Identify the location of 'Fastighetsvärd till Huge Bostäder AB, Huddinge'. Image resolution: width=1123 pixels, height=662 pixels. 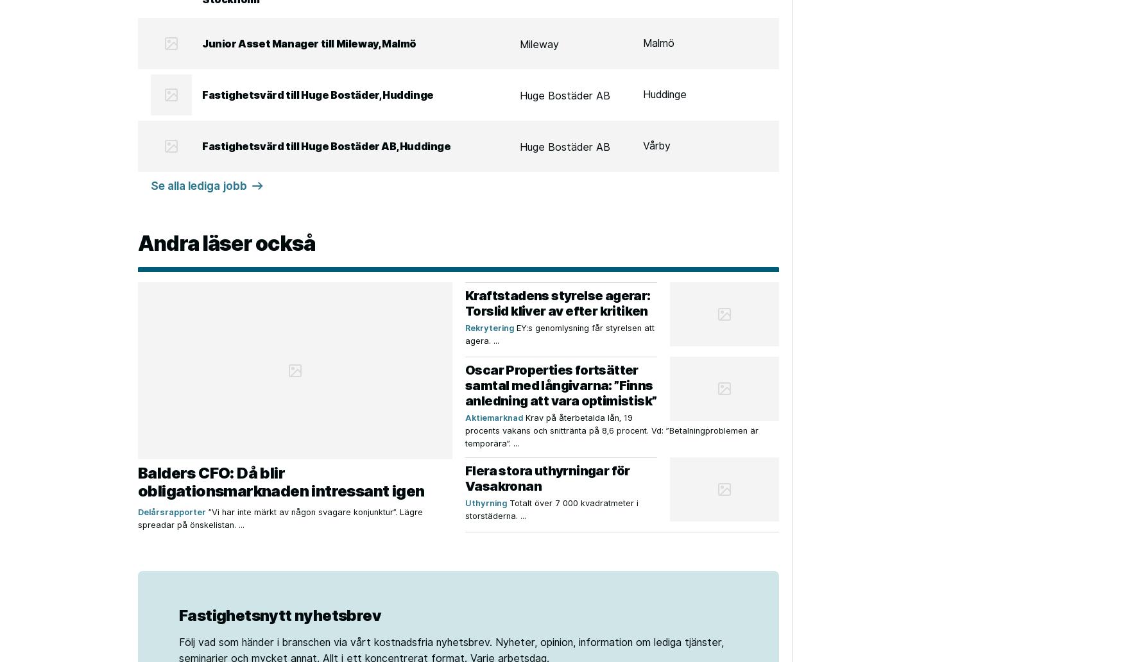
(325, 145).